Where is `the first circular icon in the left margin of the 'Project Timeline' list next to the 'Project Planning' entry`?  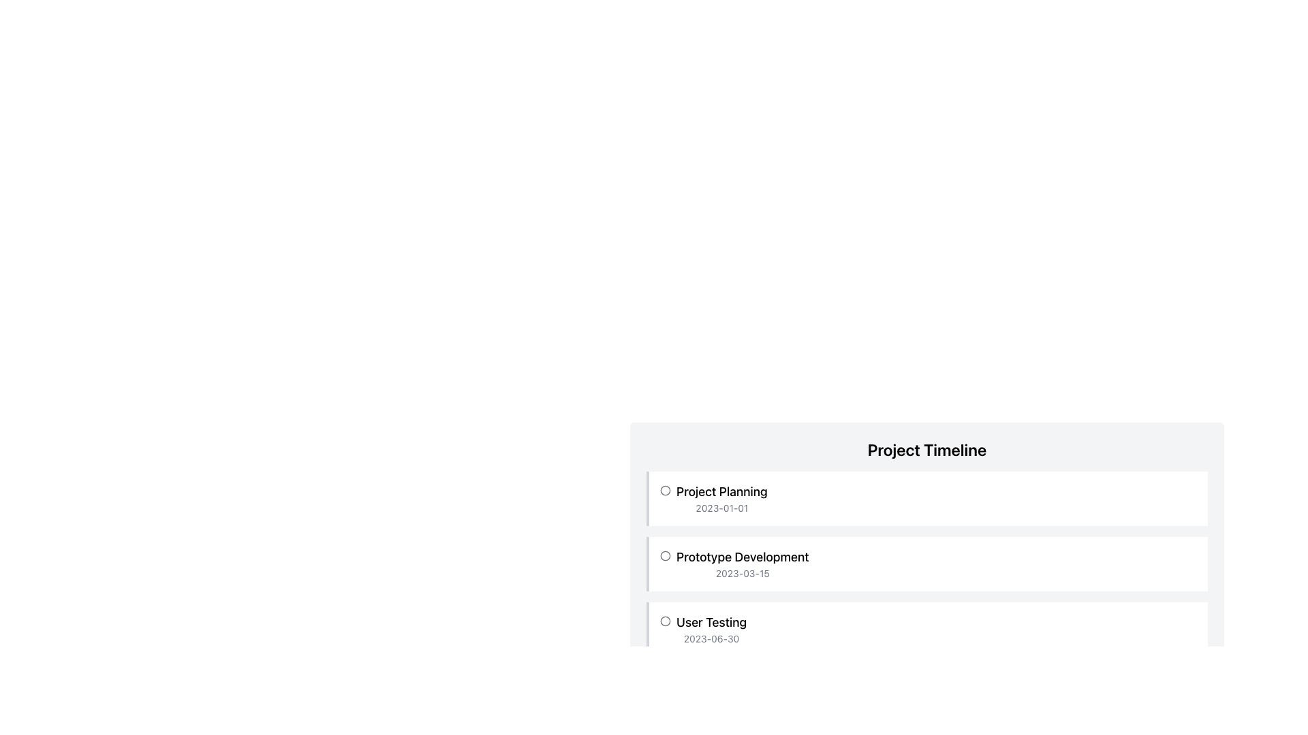
the first circular icon in the left margin of the 'Project Timeline' list next to the 'Project Planning' entry is located at coordinates (666, 498).